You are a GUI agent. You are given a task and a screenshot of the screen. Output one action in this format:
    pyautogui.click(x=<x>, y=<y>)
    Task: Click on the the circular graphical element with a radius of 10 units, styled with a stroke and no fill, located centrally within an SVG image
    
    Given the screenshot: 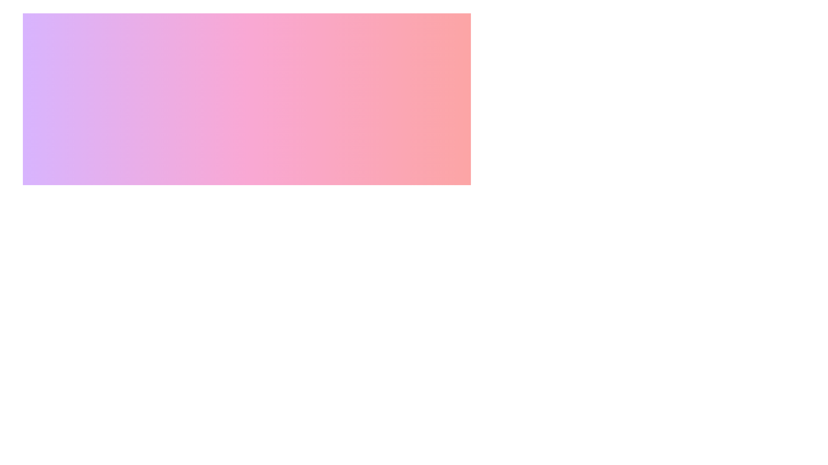 What is the action you would take?
    pyautogui.click(x=170, y=268)
    